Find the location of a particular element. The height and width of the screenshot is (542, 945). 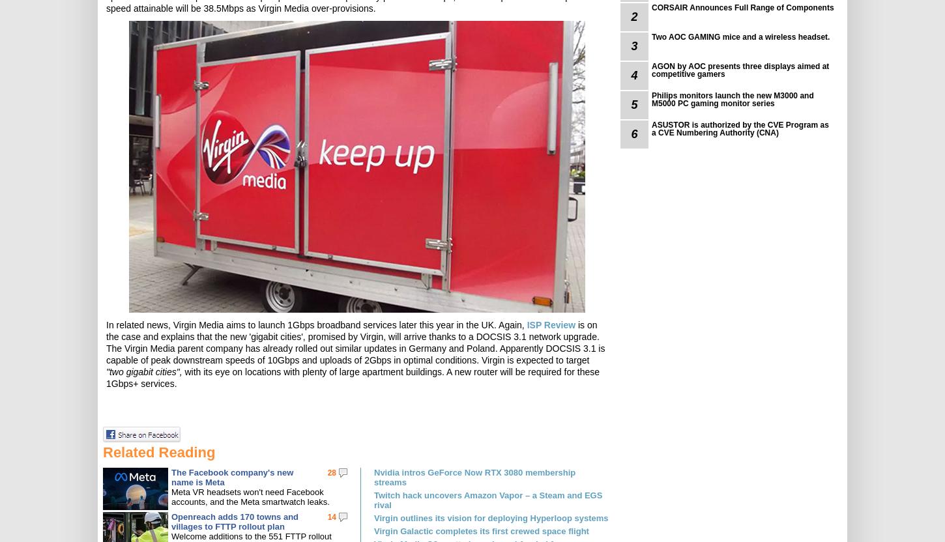

'ASUSTOR is authorized by the CVE Program as a CVE Numbering Authority (CNA)' is located at coordinates (739, 128).